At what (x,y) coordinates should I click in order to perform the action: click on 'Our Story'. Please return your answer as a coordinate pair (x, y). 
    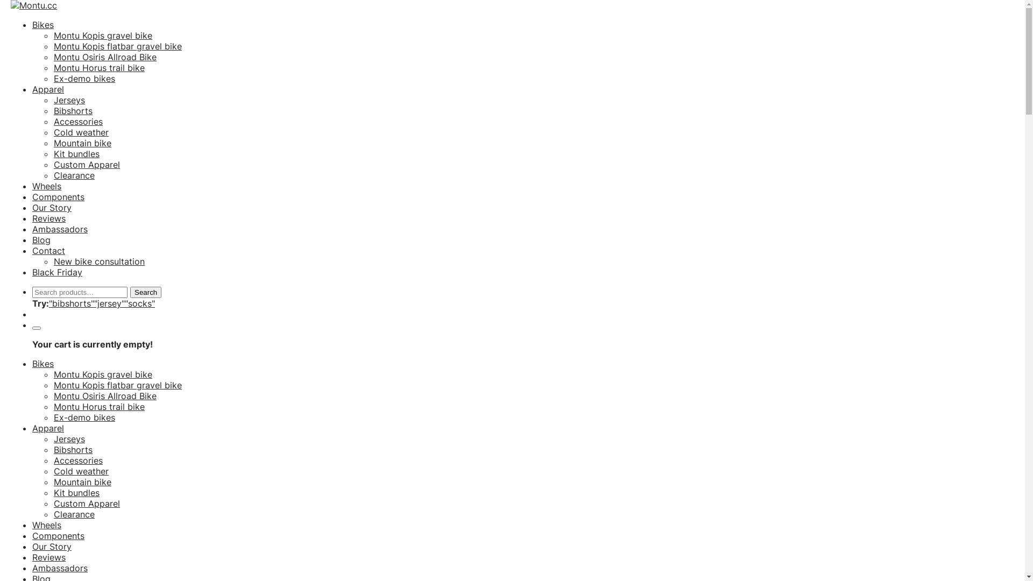
    Looking at the image, I should click on (51, 546).